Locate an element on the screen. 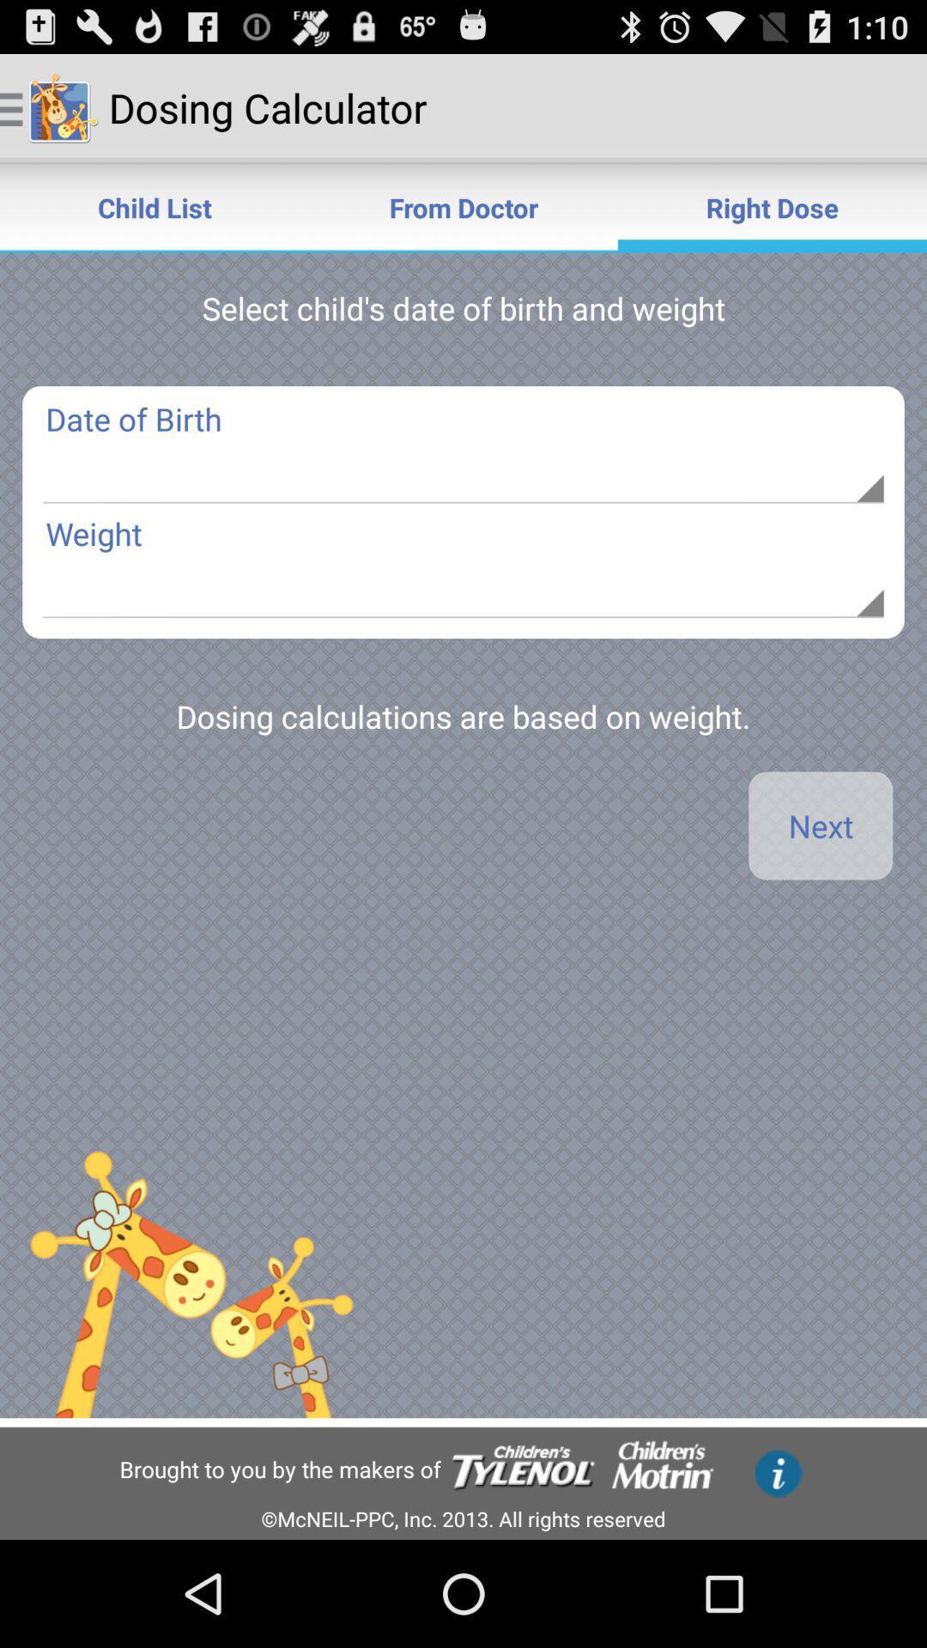 The image size is (927, 1648). app below the dosing calculations are app is located at coordinates (820, 826).